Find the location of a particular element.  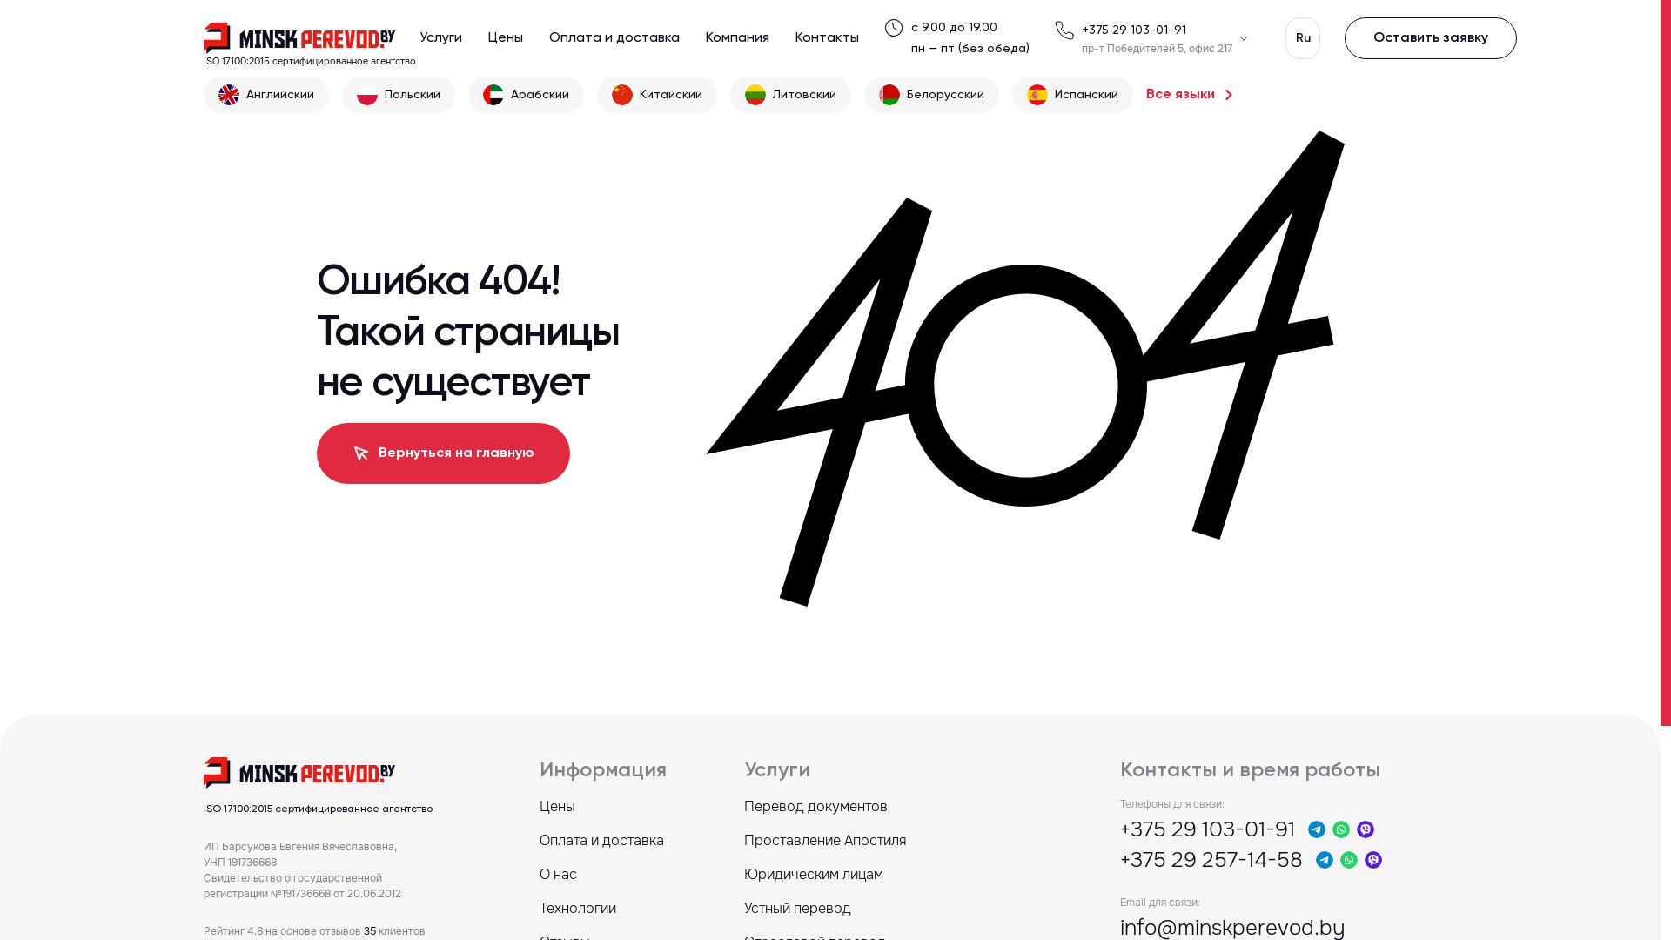

'+375 29 257-14-58' is located at coordinates (1211, 858).